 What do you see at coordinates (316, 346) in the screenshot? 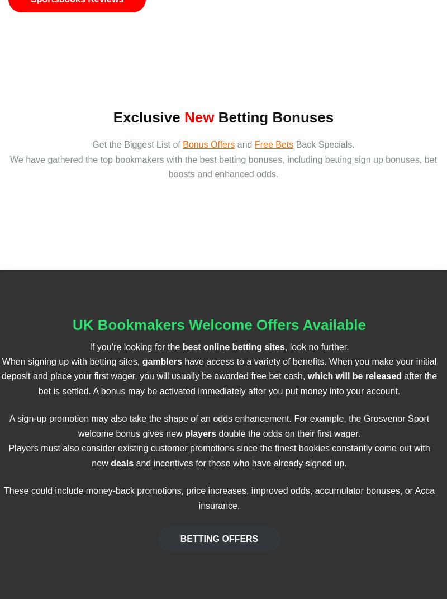
I see `', look no further.'` at bounding box center [316, 346].